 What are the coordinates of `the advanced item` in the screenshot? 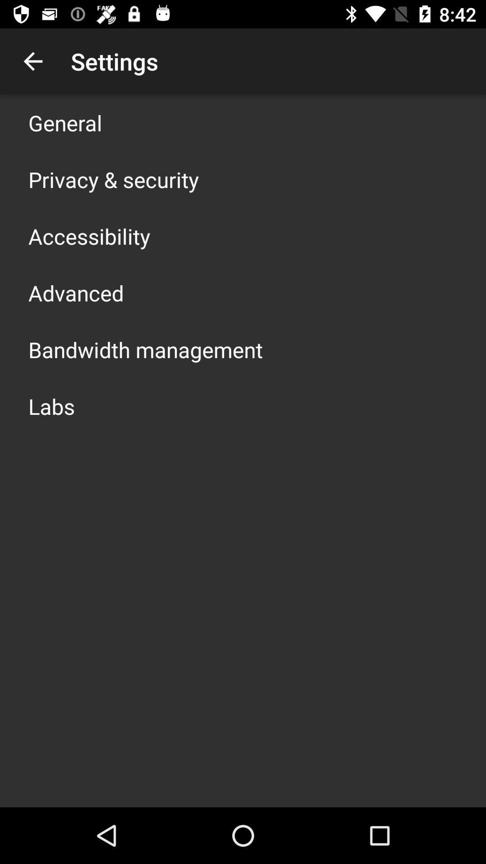 It's located at (76, 293).